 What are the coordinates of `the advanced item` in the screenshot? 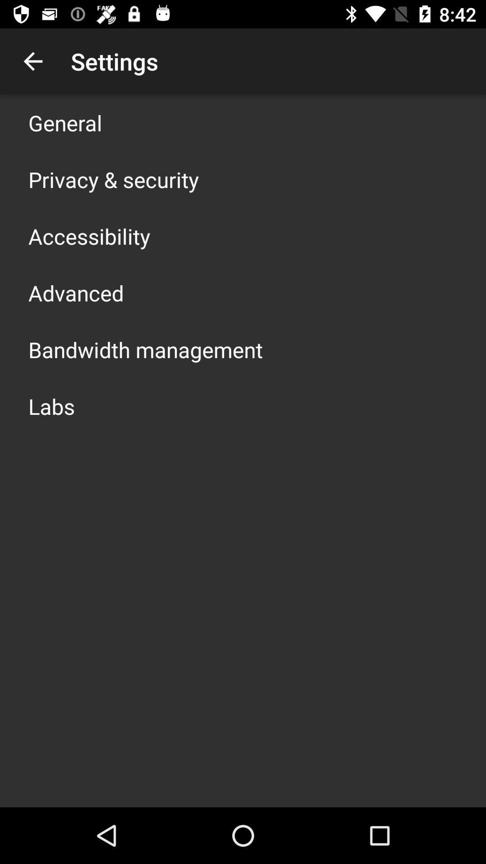 It's located at (76, 293).